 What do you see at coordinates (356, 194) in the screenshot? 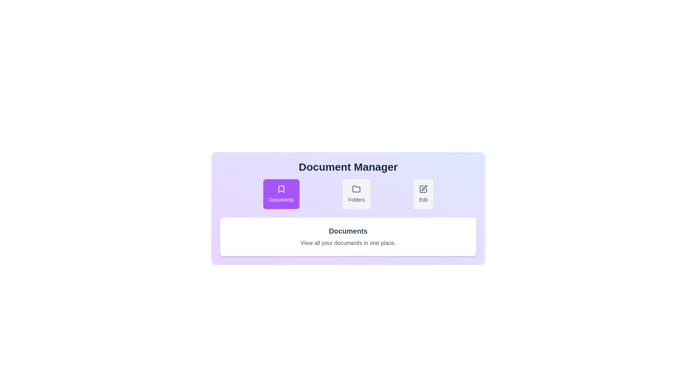
I see `the 'Folders' button located under the 'Document Manager' title` at bounding box center [356, 194].